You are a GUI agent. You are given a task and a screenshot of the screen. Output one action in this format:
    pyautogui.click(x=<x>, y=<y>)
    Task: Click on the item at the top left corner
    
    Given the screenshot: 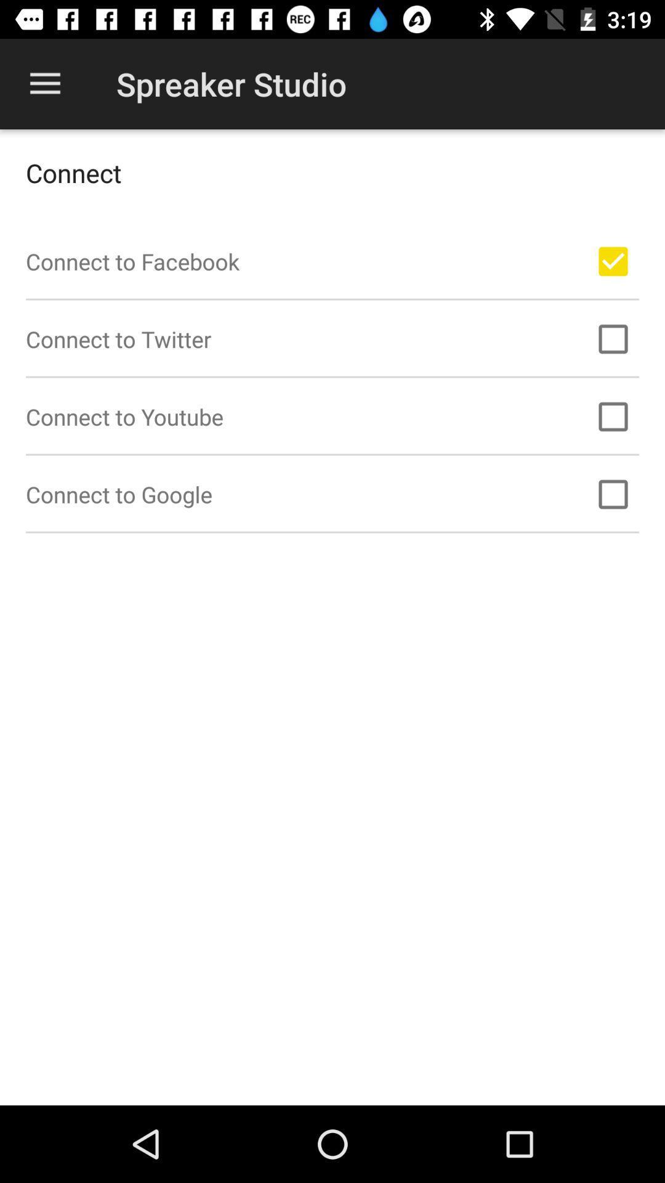 What is the action you would take?
    pyautogui.click(x=44, y=83)
    